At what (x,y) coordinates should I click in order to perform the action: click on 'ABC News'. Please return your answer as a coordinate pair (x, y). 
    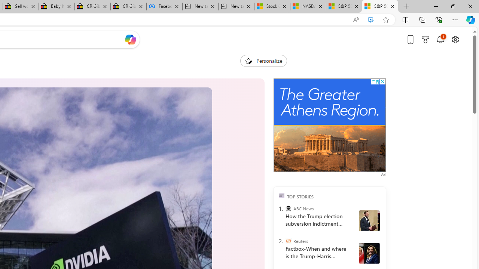
    Looking at the image, I should click on (288, 208).